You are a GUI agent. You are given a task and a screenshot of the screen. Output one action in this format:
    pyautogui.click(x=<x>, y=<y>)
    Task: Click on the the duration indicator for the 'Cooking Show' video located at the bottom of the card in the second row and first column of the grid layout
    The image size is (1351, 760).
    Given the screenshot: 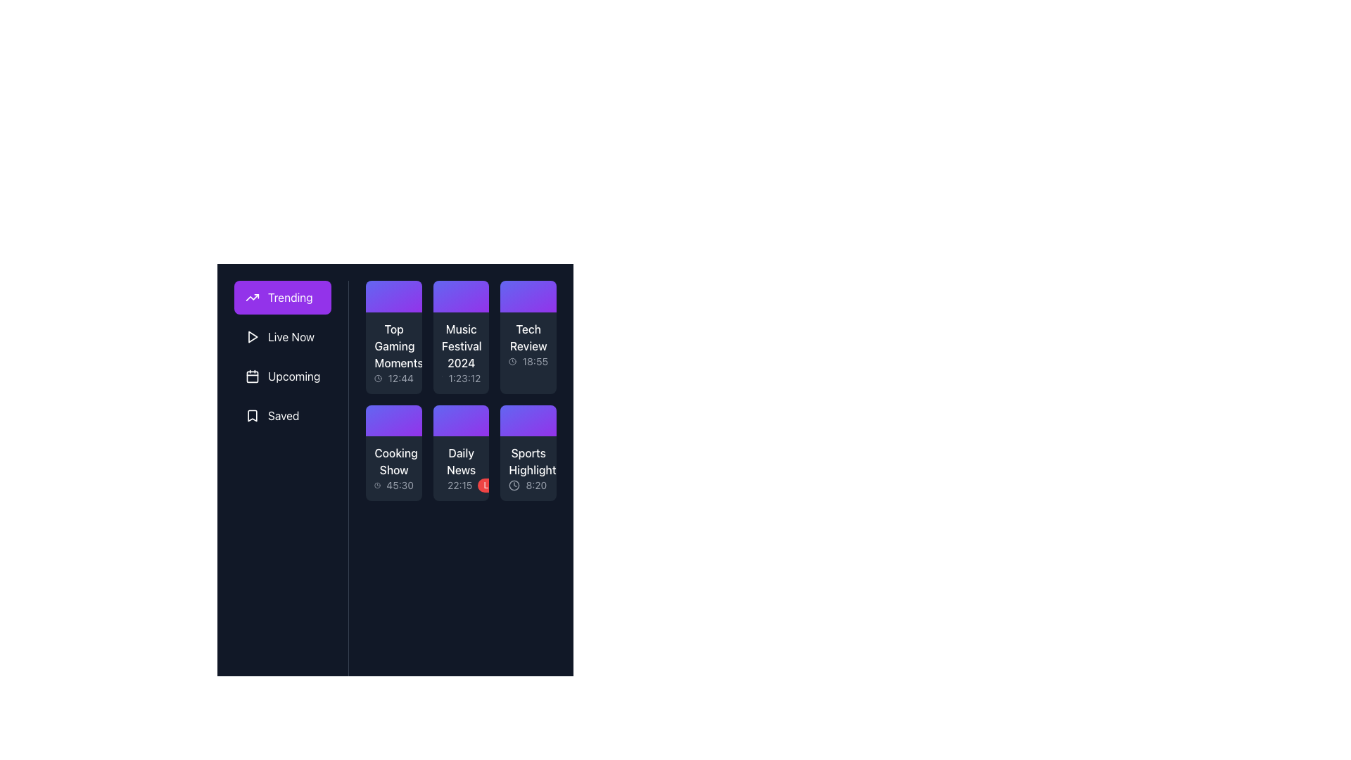 What is the action you would take?
    pyautogui.click(x=394, y=485)
    